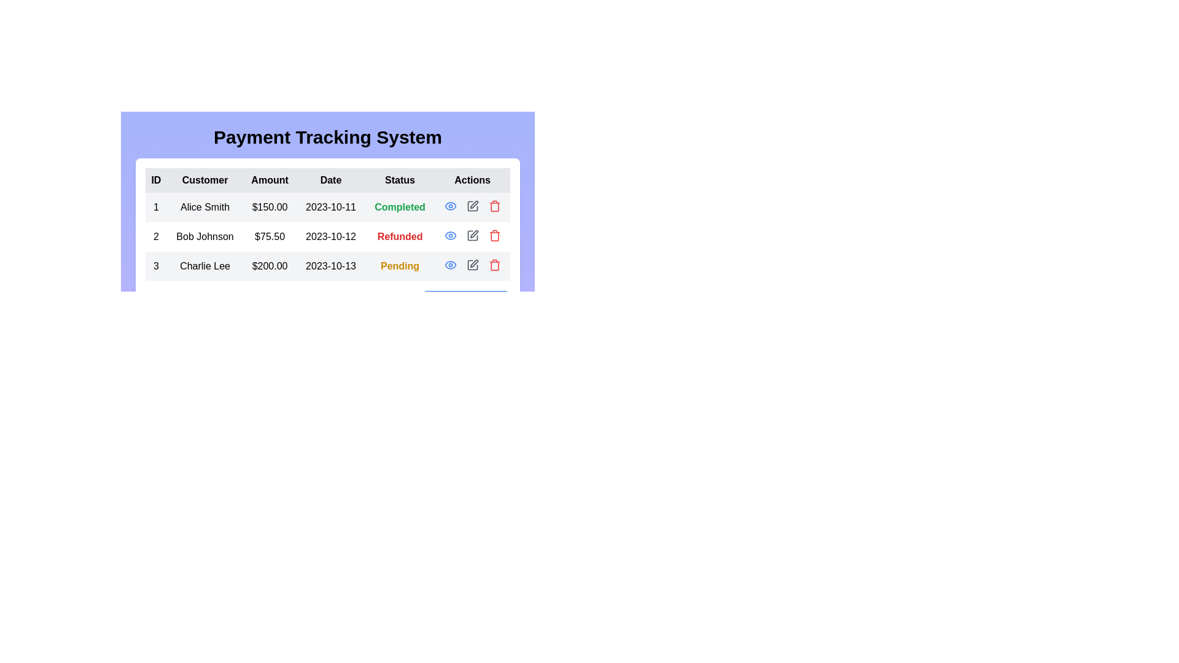  I want to click on the edit icon located in the 'Actions' column of the second row of the table, so click(472, 236).